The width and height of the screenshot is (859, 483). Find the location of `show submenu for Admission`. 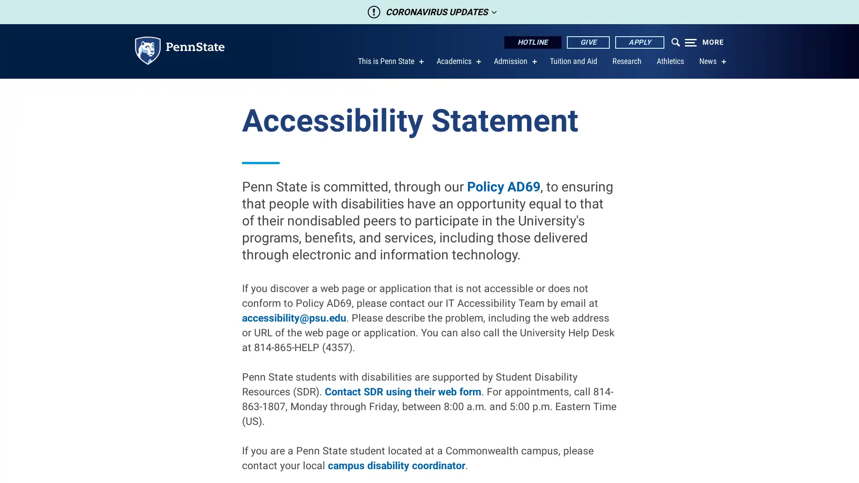

show submenu for Admission is located at coordinates (531, 61).